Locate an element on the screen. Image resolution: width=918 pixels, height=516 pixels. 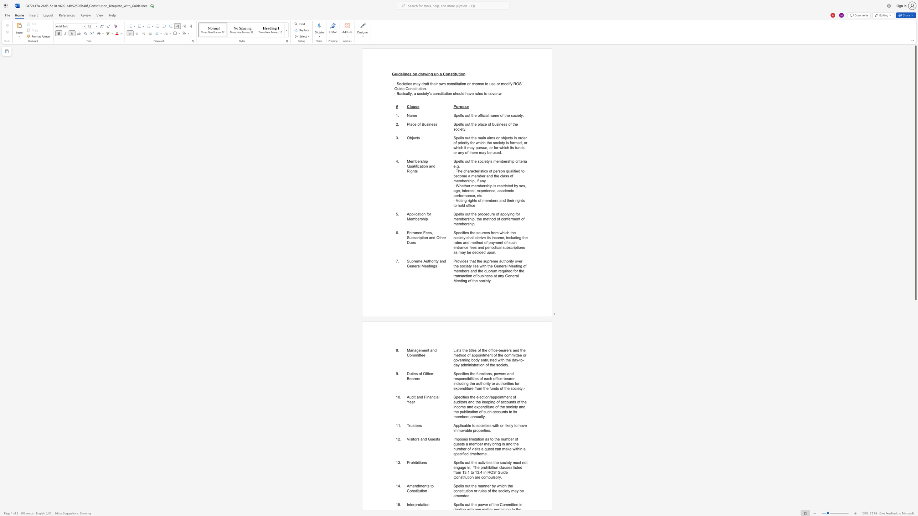
the right-hand scrollbar to descend the page is located at coordinates (915, 313).